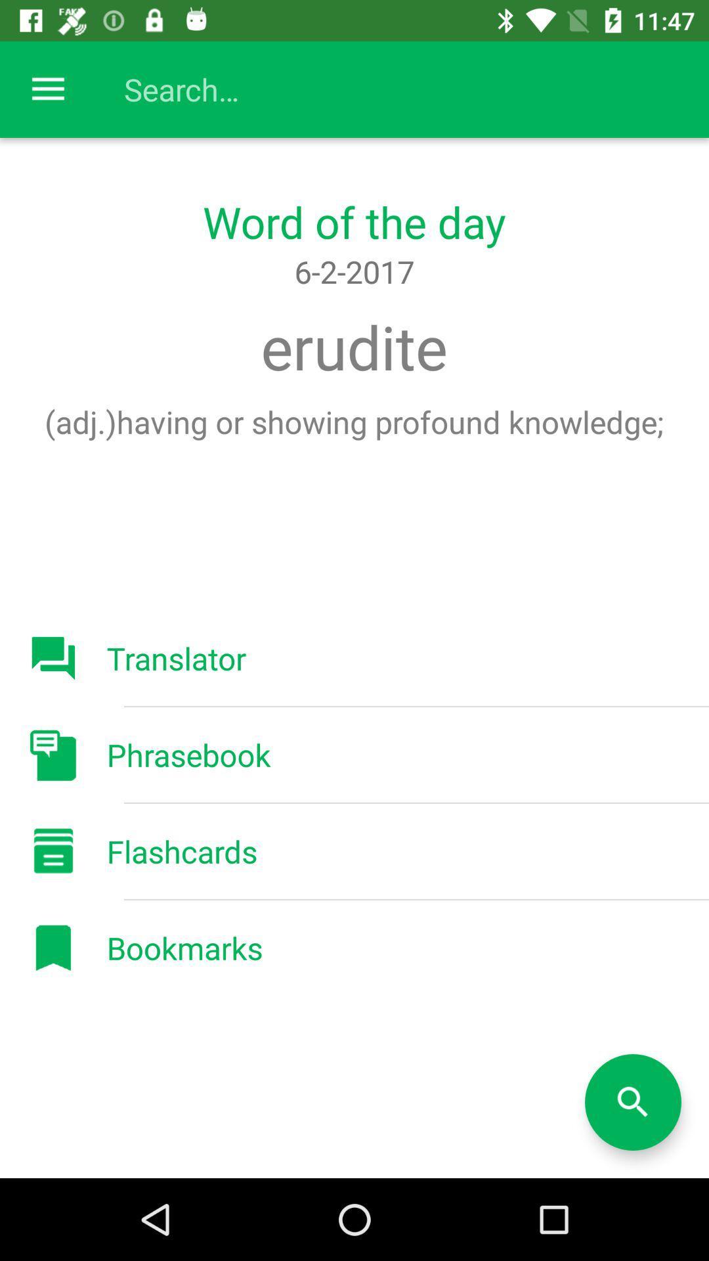  I want to click on icon at the top left corner, so click(47, 89).